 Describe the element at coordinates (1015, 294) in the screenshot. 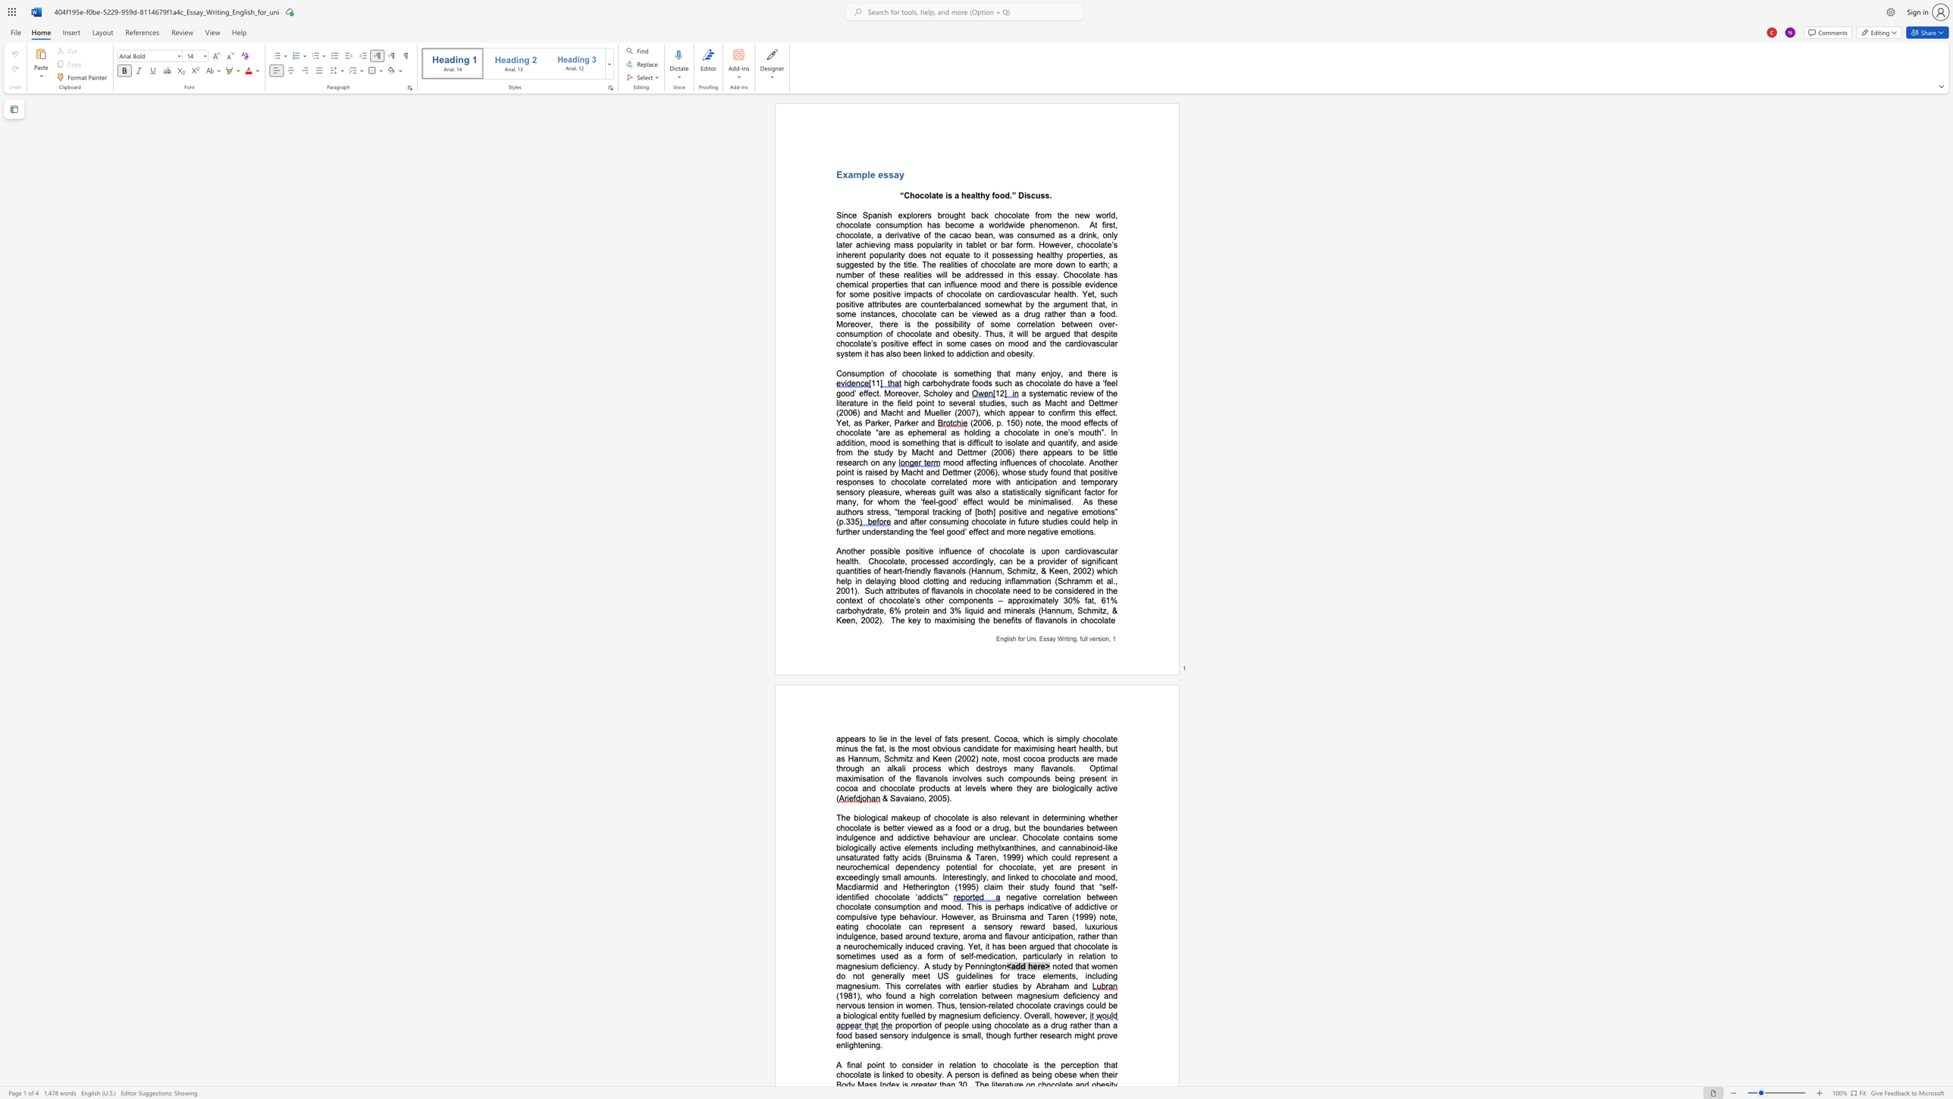

I see `the subset text "ovascular he" within the text "for some positive impacts of chocolate on cardiovascular health. Yet, such positive attributes are counterbalanced"` at that location.